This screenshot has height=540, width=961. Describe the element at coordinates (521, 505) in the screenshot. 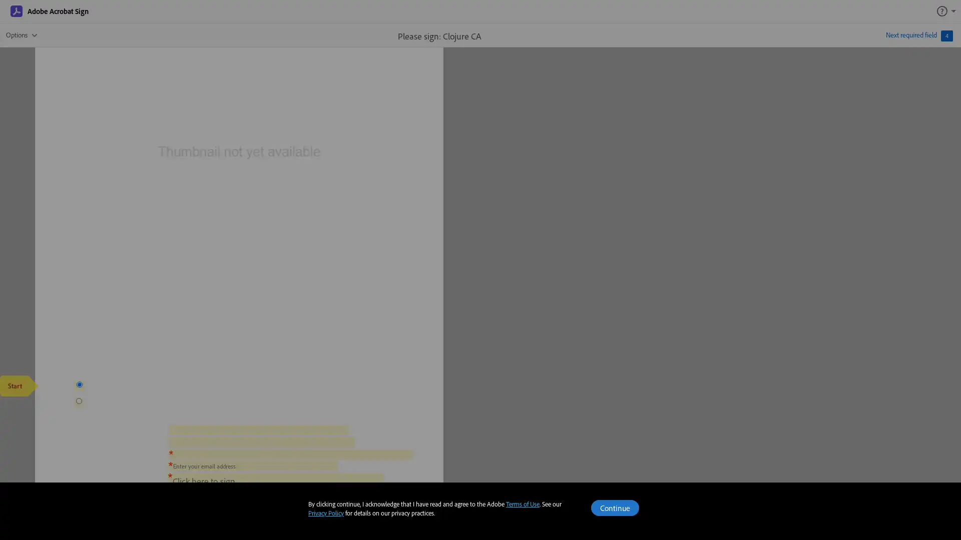

I see `Zoom in` at that location.